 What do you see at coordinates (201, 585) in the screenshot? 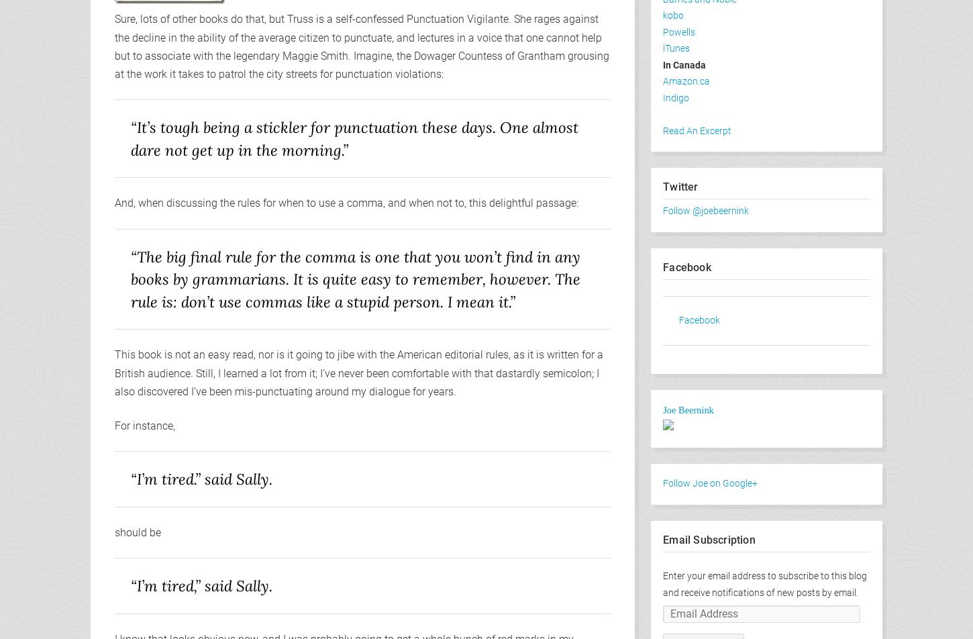
I see `'“I’m tired,” said Sally.'` at bounding box center [201, 585].